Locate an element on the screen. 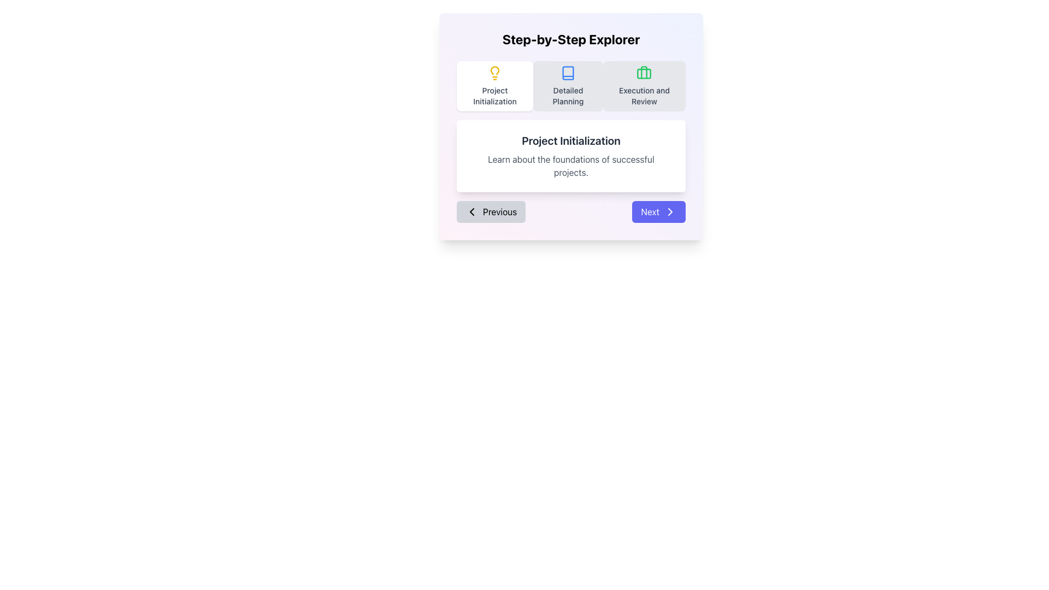 This screenshot has width=1049, height=590. the first button in the 'Step-by-Step Explorer' for the 'Project Initialization' stage to trigger a visual effect is located at coordinates (494, 86).